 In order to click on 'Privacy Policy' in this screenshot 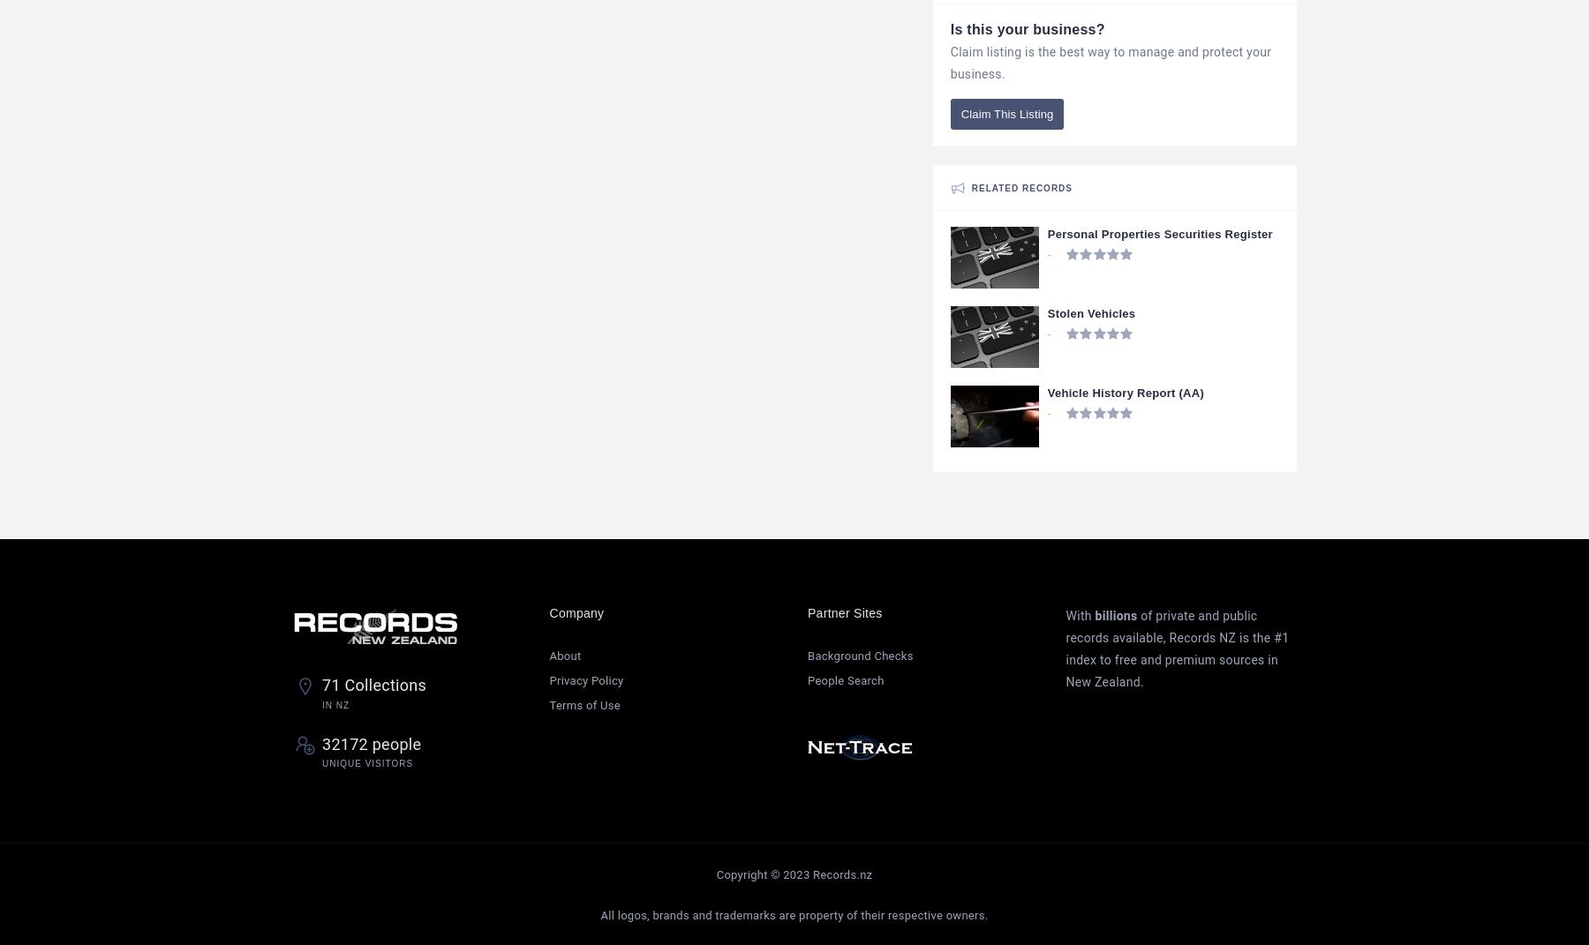, I will do `click(586, 679)`.